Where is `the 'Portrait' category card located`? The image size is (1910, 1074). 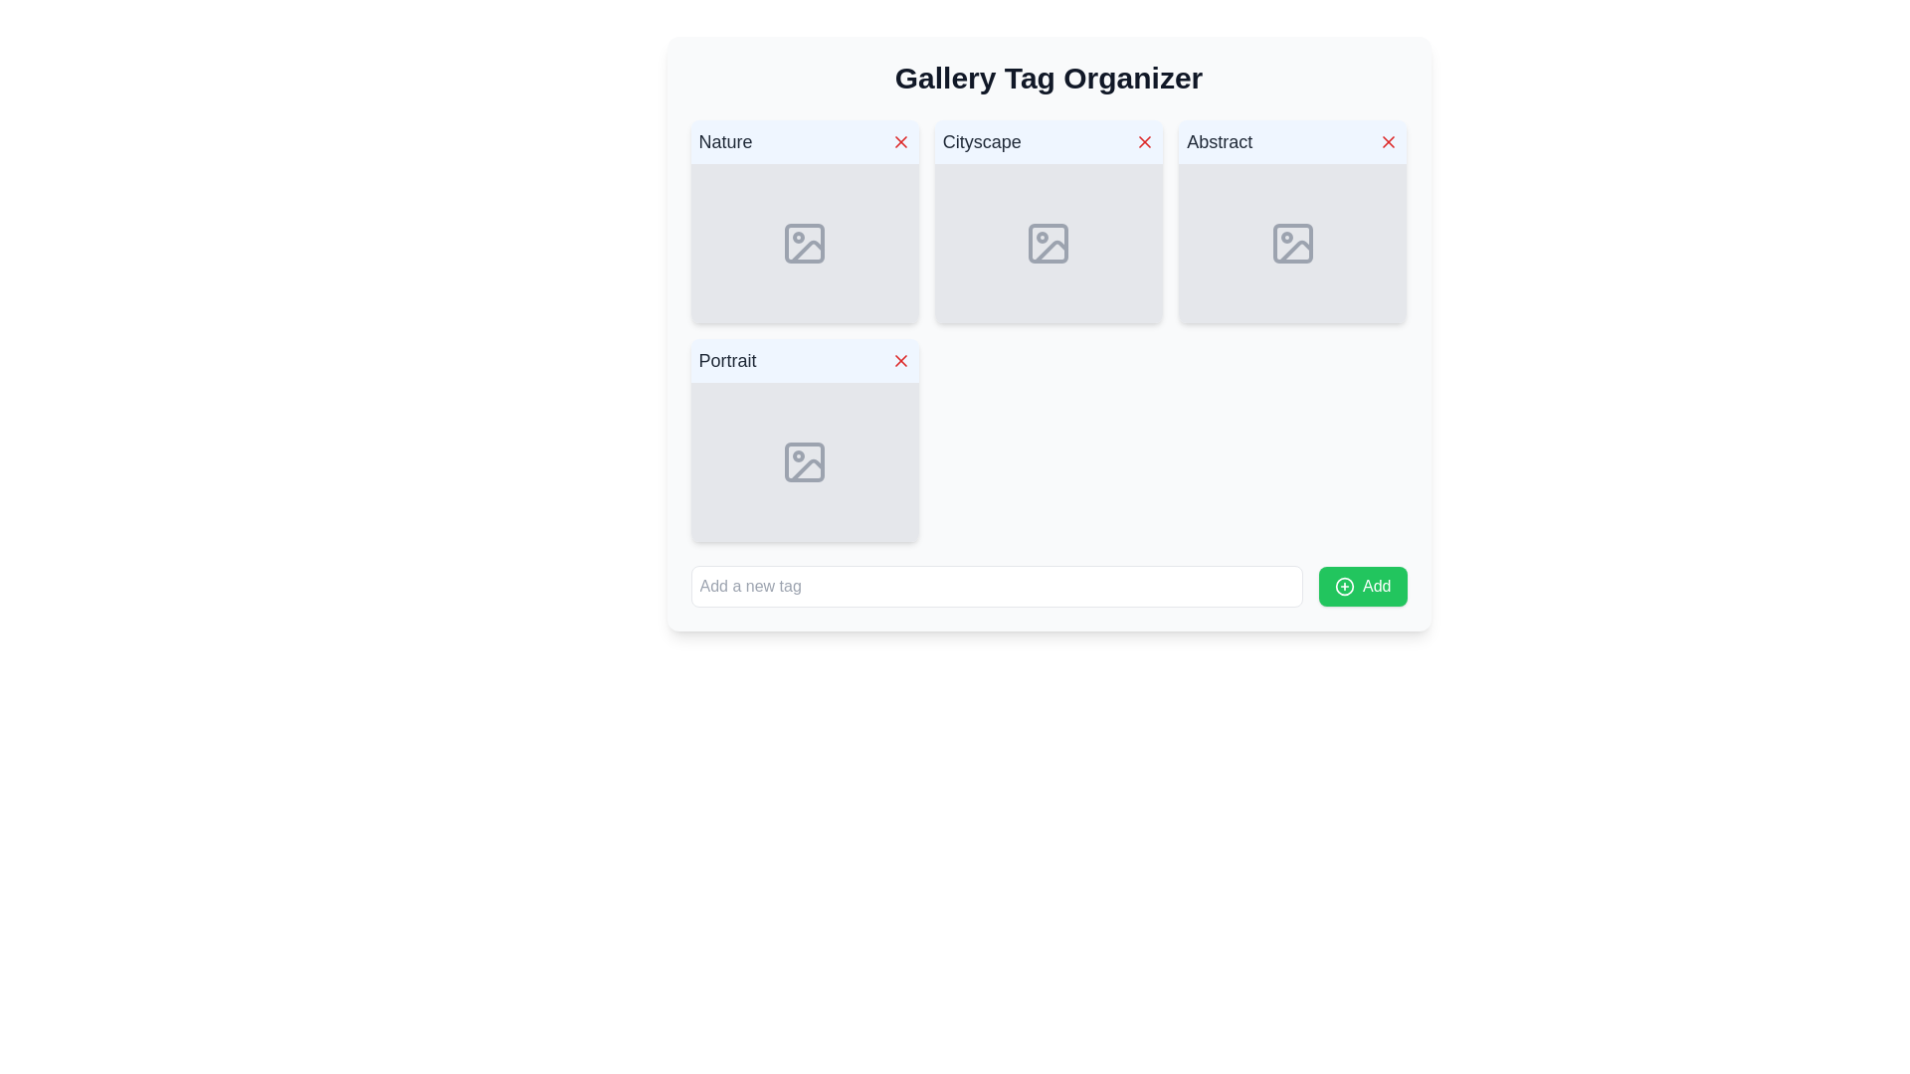 the 'Portrait' category card located is located at coordinates (805, 440).